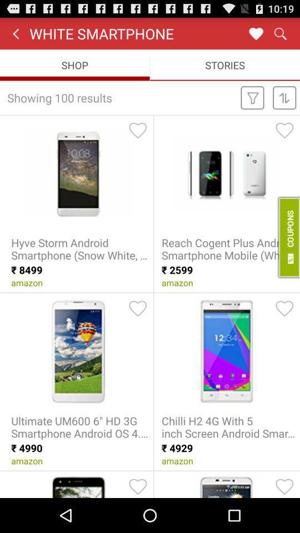 The height and width of the screenshot is (533, 300). Describe the element at coordinates (138, 308) in the screenshot. I see `like this item` at that location.